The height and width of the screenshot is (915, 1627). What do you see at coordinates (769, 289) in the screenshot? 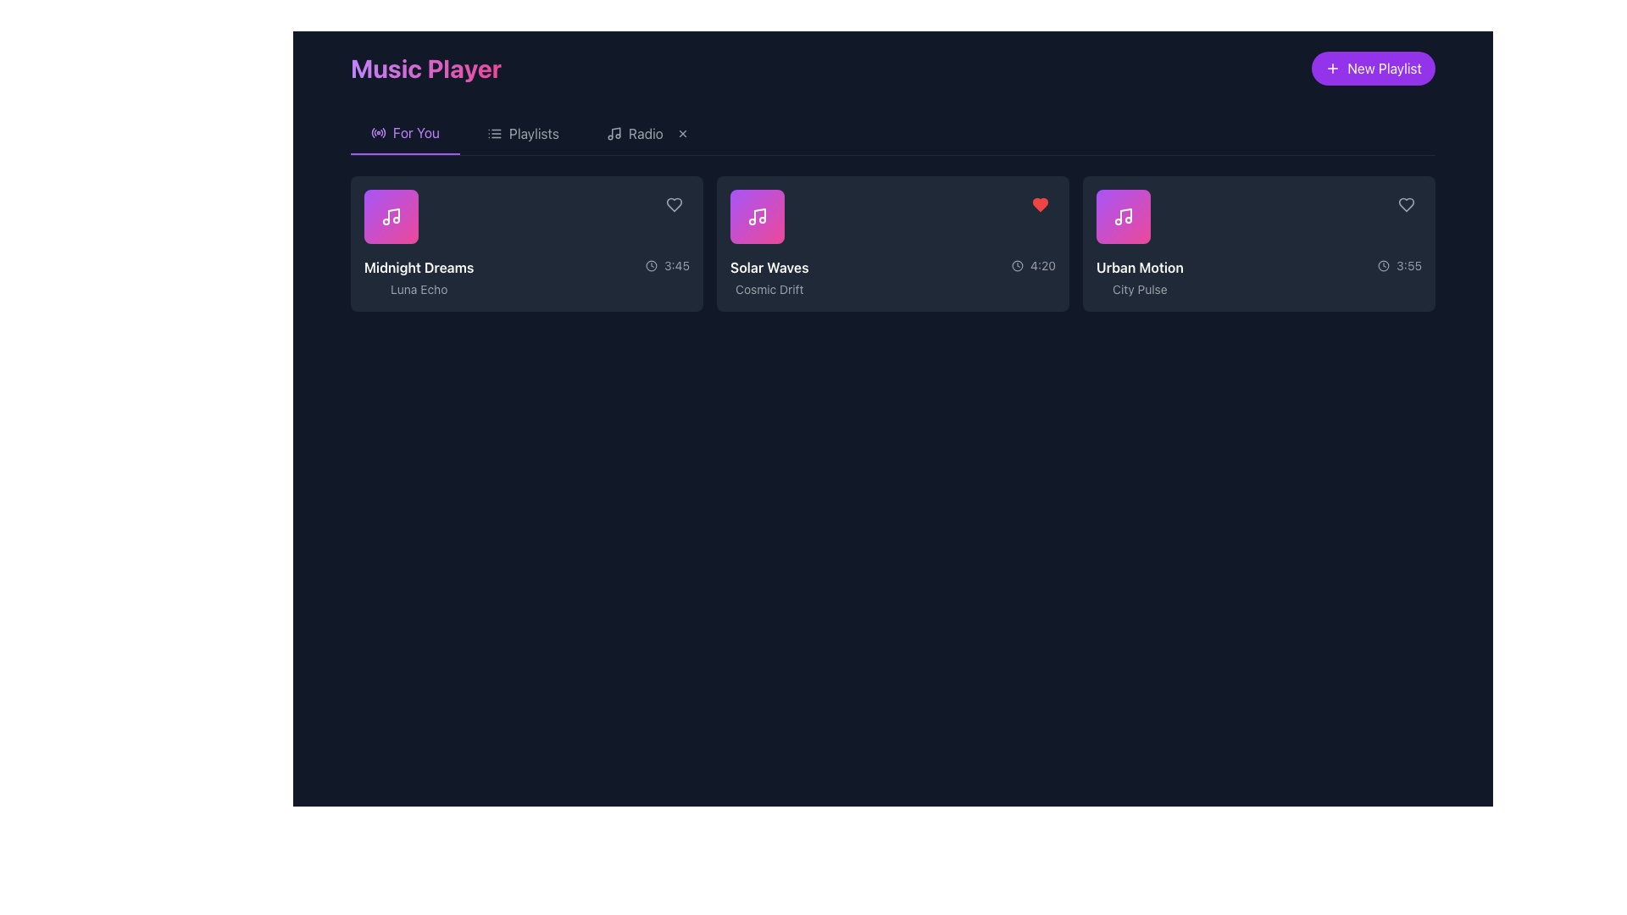
I see `the text label displaying 'Cosmic Drift' which is styled in gray and positioned below 'Solar Waves' in the music player interface` at bounding box center [769, 289].